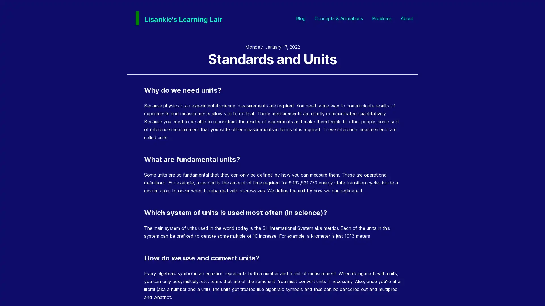  What do you see at coordinates (531, 292) in the screenshot?
I see `Scroll To Top` at bounding box center [531, 292].